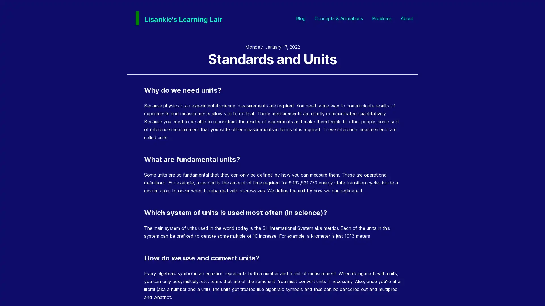  What do you see at coordinates (531, 292) in the screenshot?
I see `Scroll To Top` at bounding box center [531, 292].